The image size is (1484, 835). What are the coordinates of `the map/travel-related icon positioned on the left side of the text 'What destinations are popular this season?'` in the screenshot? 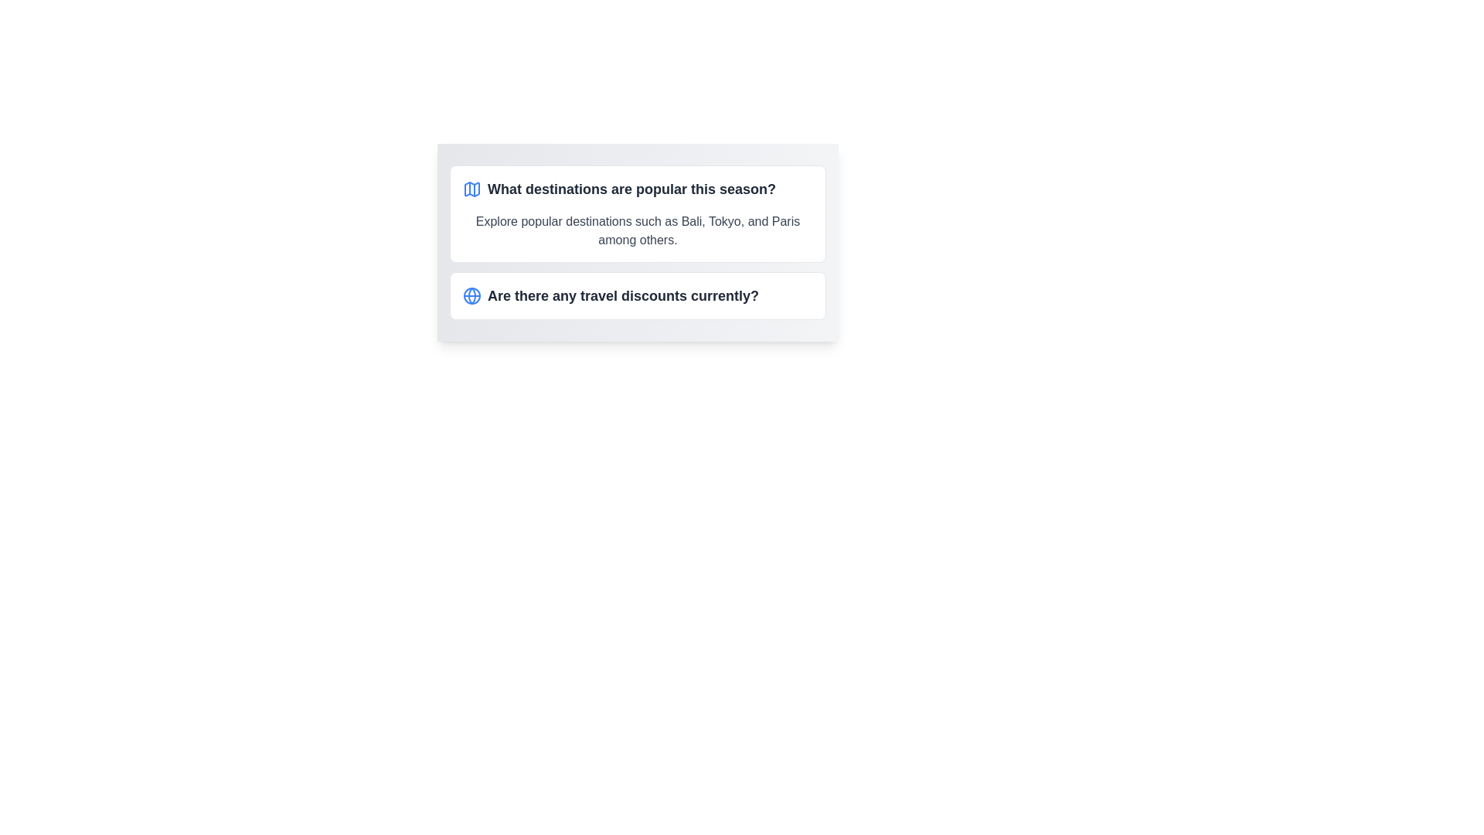 It's located at (471, 189).